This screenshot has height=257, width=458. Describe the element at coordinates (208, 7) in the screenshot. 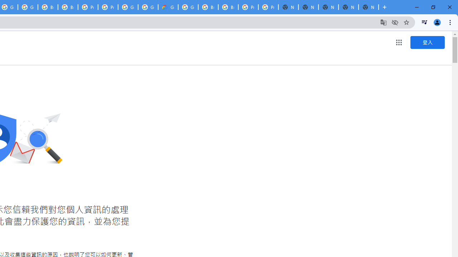

I see `'Browse Chrome as a guest - Computer - Google Chrome Help'` at that location.